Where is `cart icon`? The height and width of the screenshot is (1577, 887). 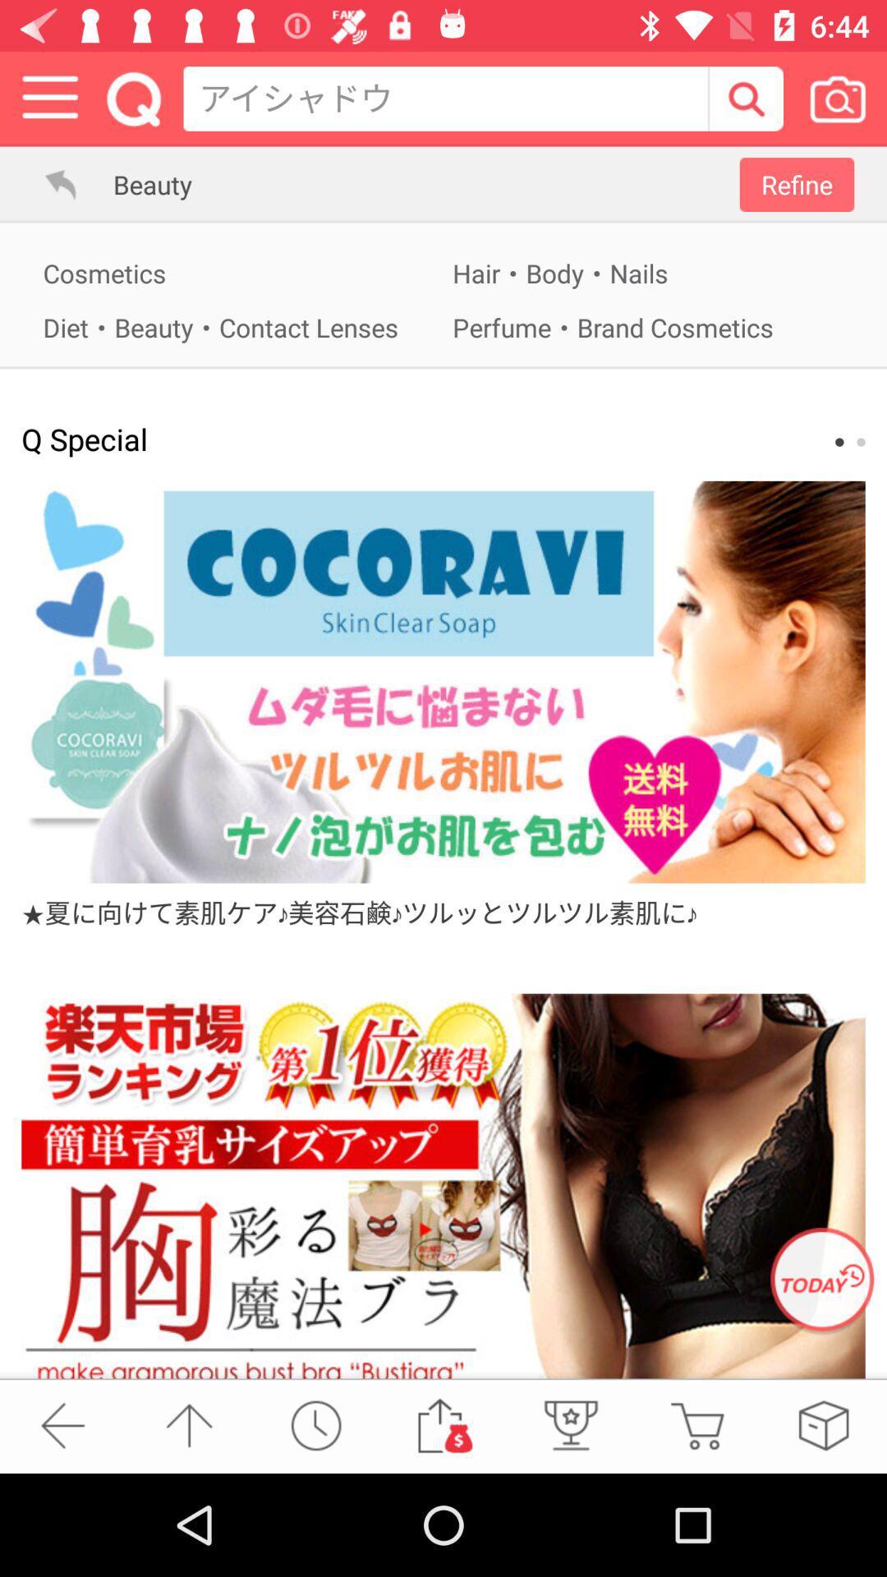
cart icon is located at coordinates (696, 1425).